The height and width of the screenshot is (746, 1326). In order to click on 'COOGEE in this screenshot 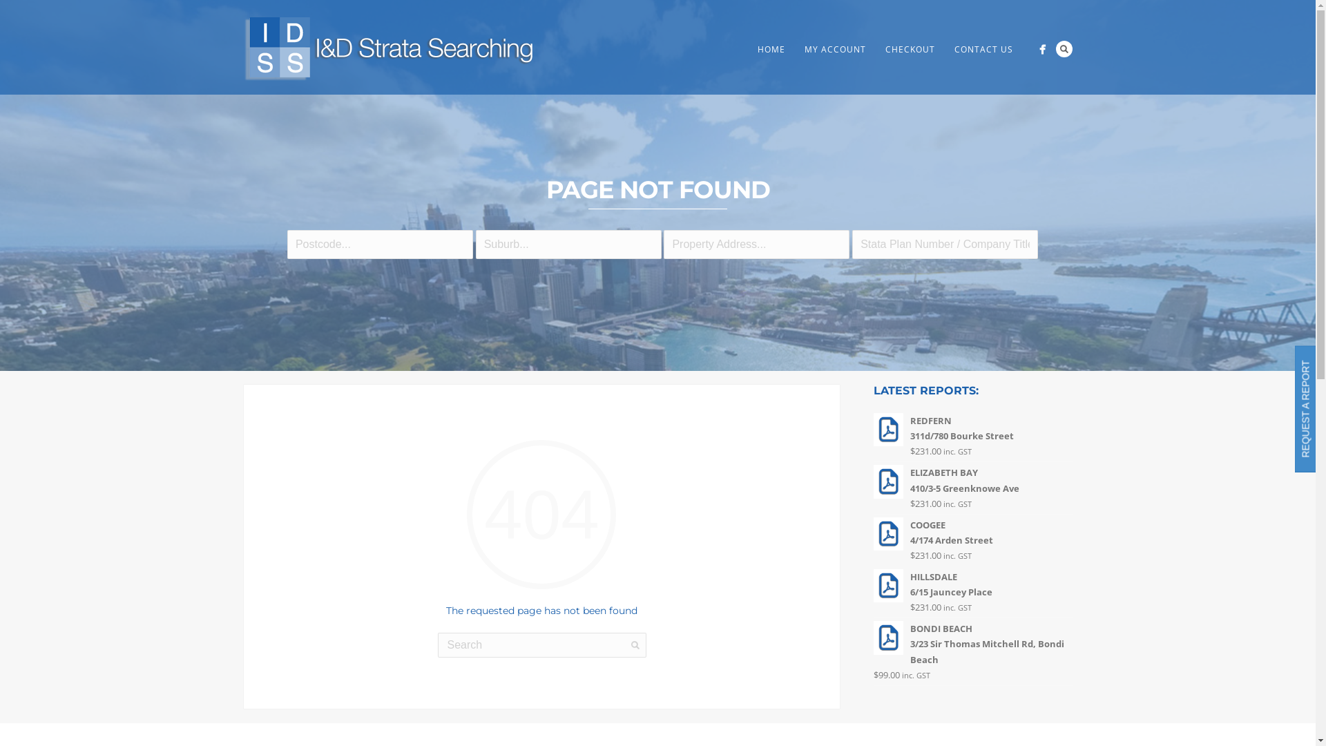, I will do `click(971, 532)`.